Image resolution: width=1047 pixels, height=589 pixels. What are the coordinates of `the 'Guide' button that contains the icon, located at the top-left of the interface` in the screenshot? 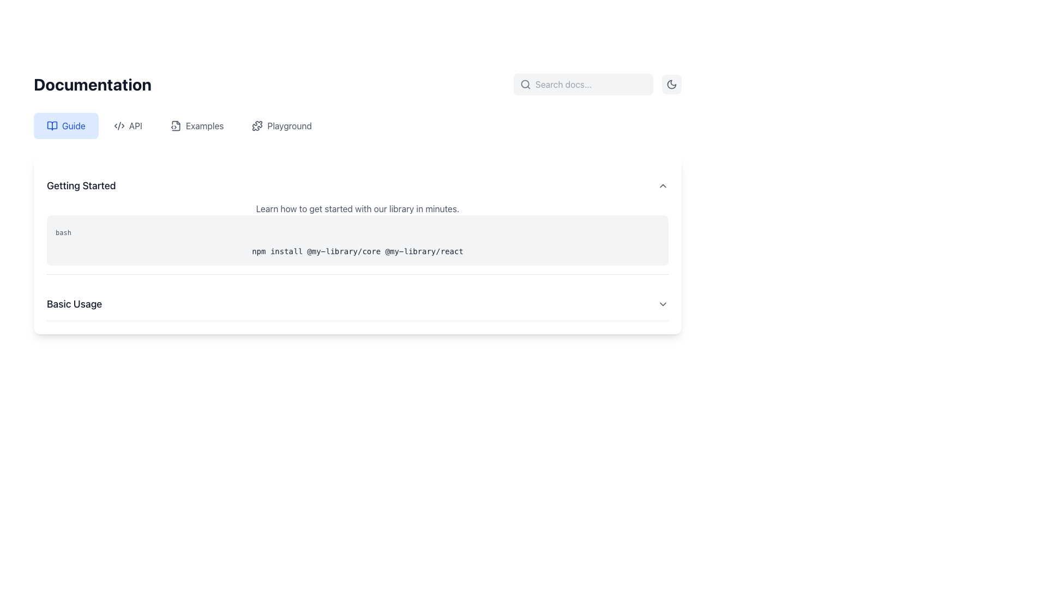 It's located at (52, 125).